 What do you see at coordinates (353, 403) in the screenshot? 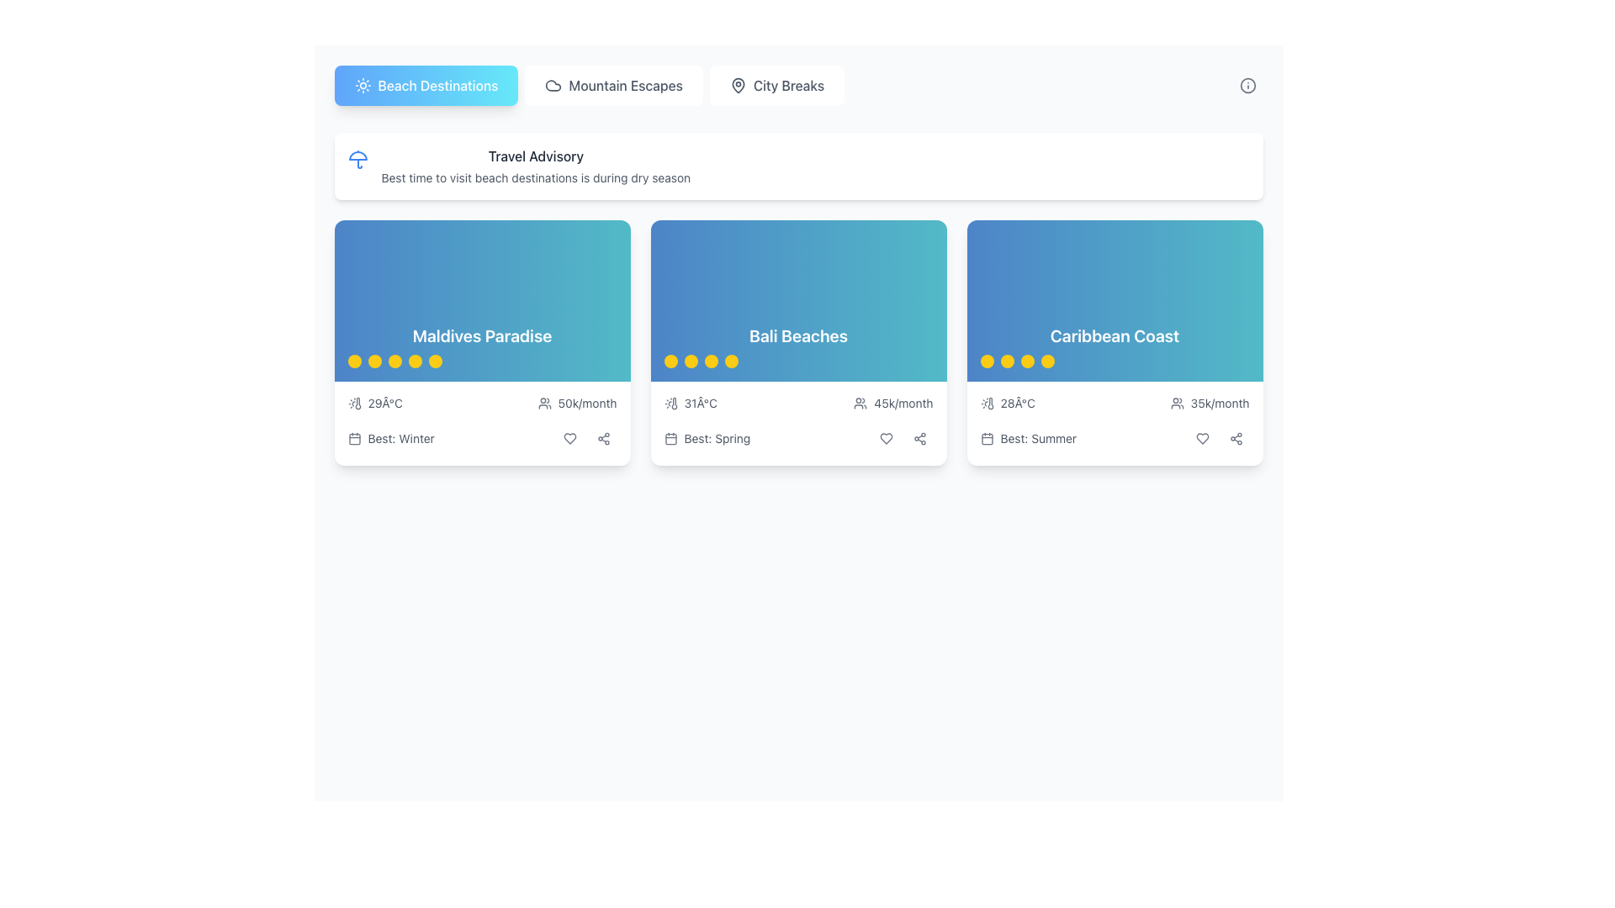
I see `the weather icon located to the left of the '29°C' text, which visually represents temperature or weather conditions` at bounding box center [353, 403].